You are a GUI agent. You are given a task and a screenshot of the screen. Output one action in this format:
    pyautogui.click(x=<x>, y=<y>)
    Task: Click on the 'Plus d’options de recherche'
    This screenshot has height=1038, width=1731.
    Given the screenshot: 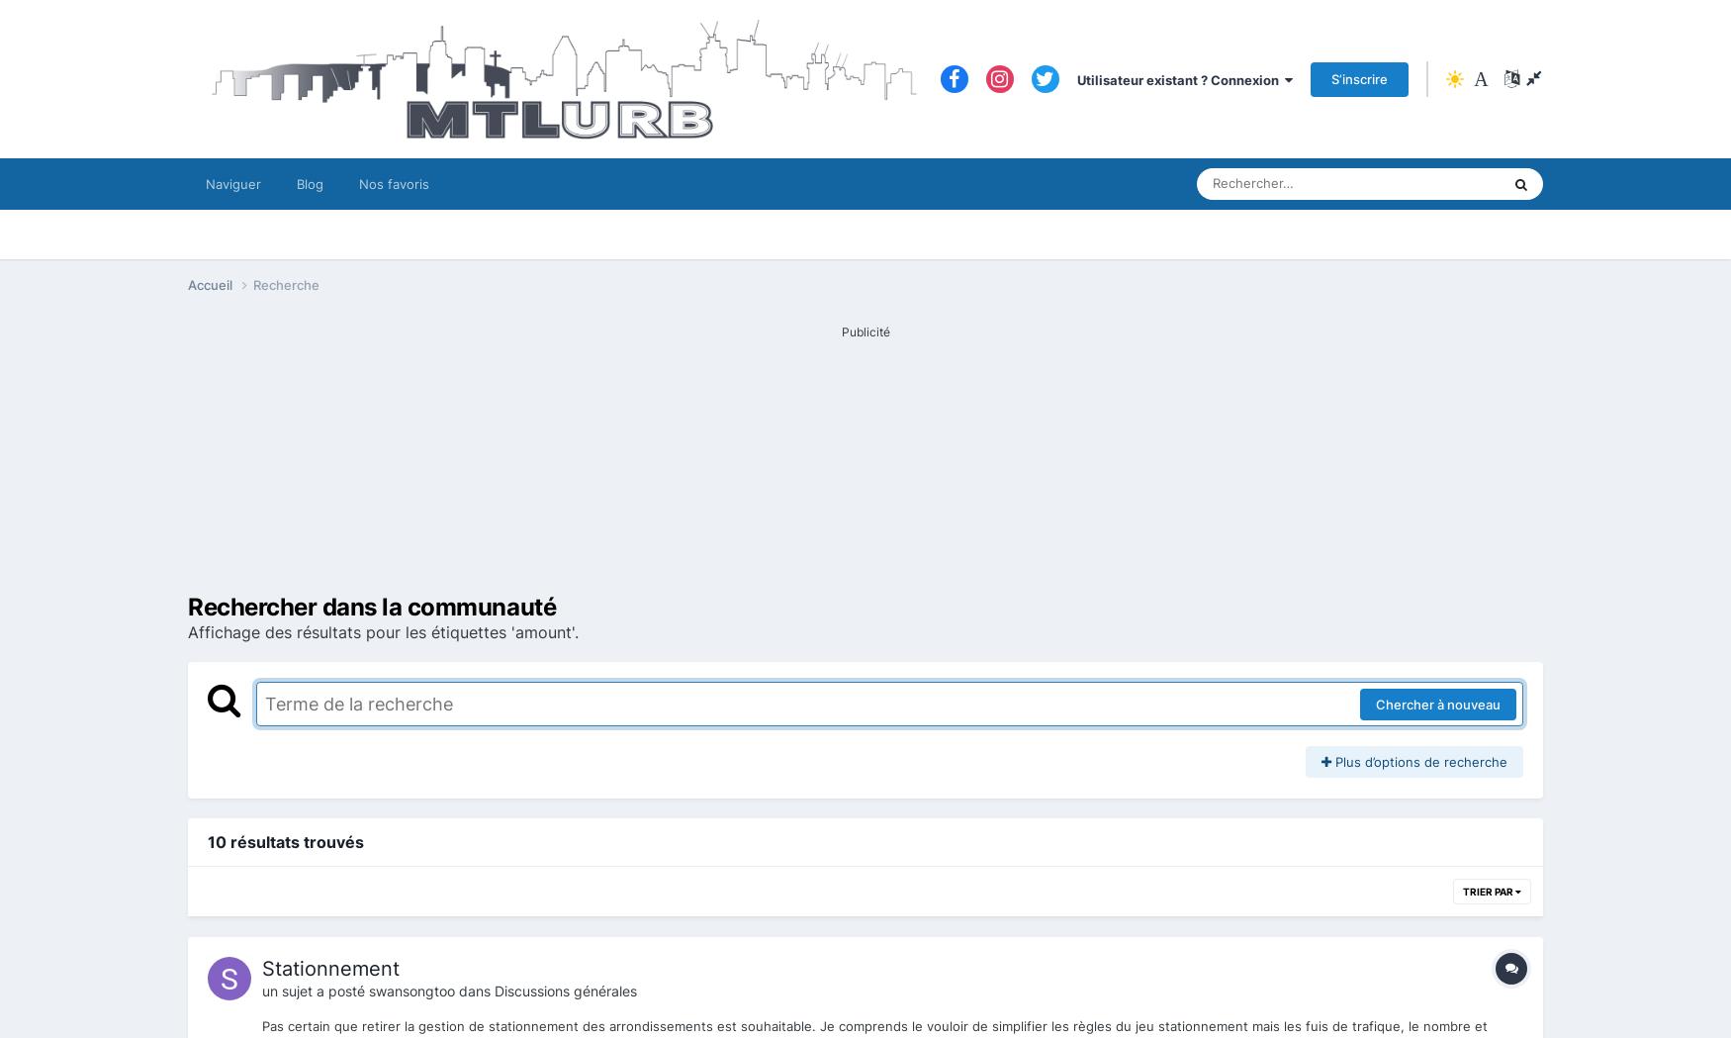 What is the action you would take?
    pyautogui.click(x=1418, y=761)
    